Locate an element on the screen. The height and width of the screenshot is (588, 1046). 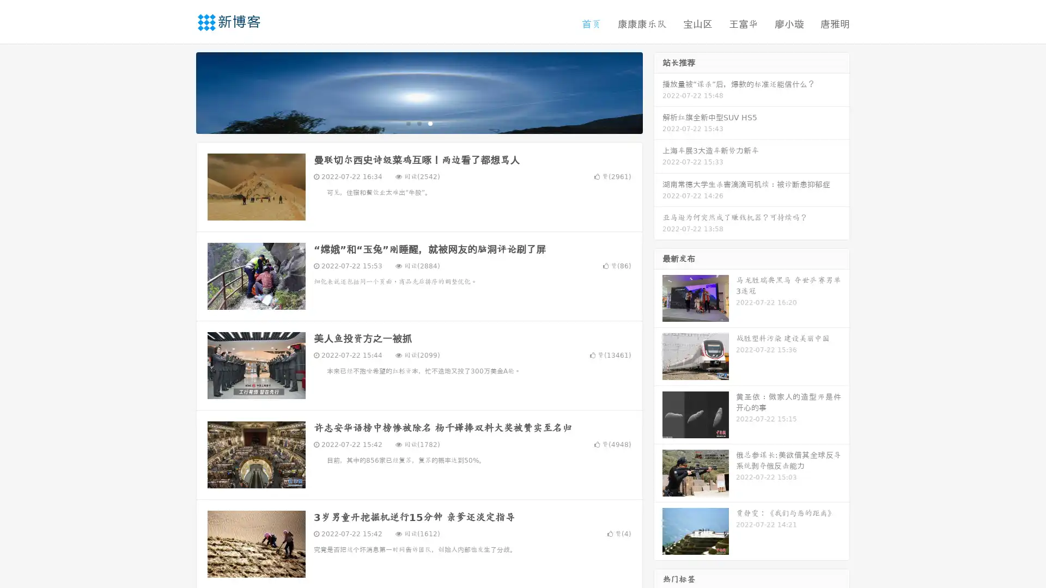
Go to slide 2 is located at coordinates (418, 122).